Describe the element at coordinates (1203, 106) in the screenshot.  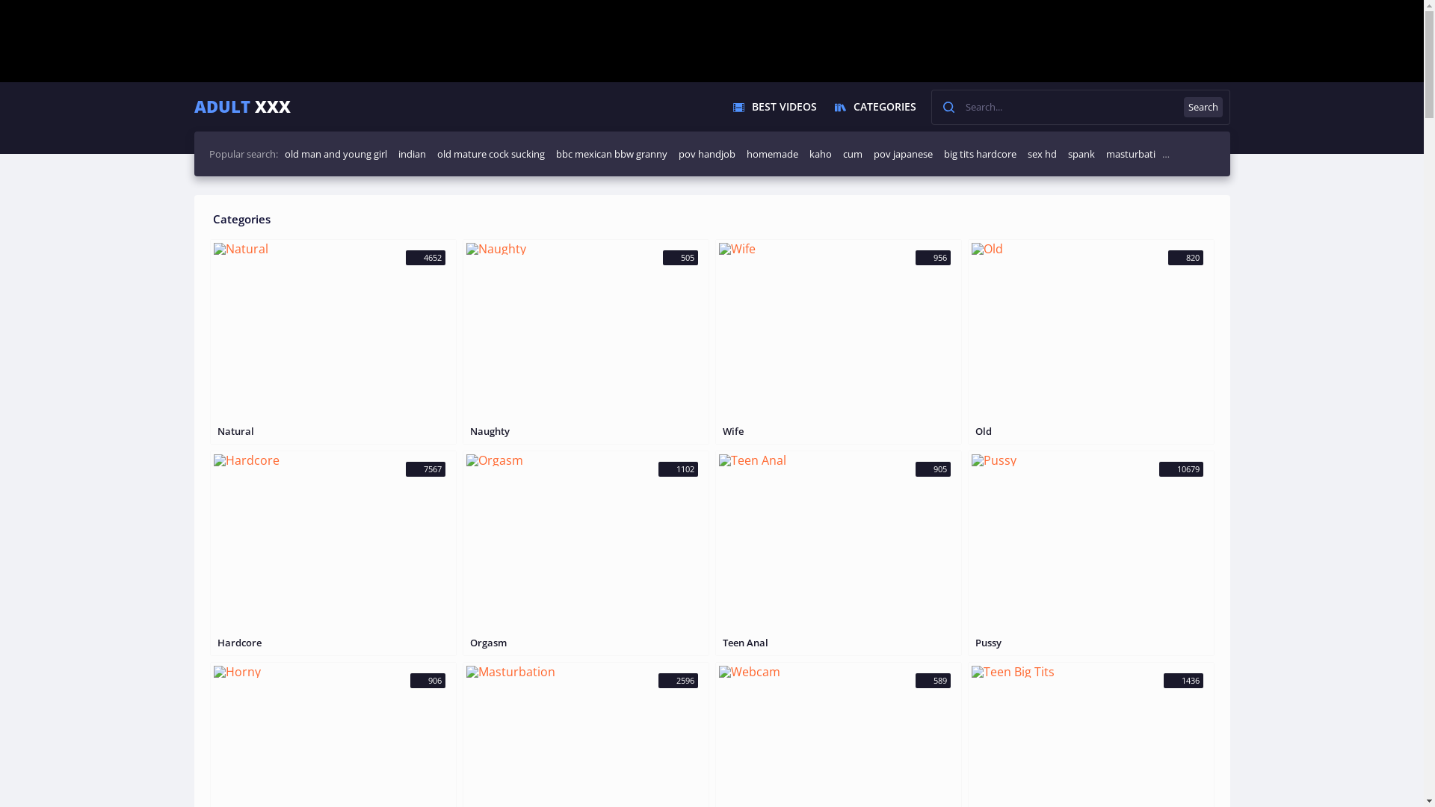
I see `'Search'` at that location.